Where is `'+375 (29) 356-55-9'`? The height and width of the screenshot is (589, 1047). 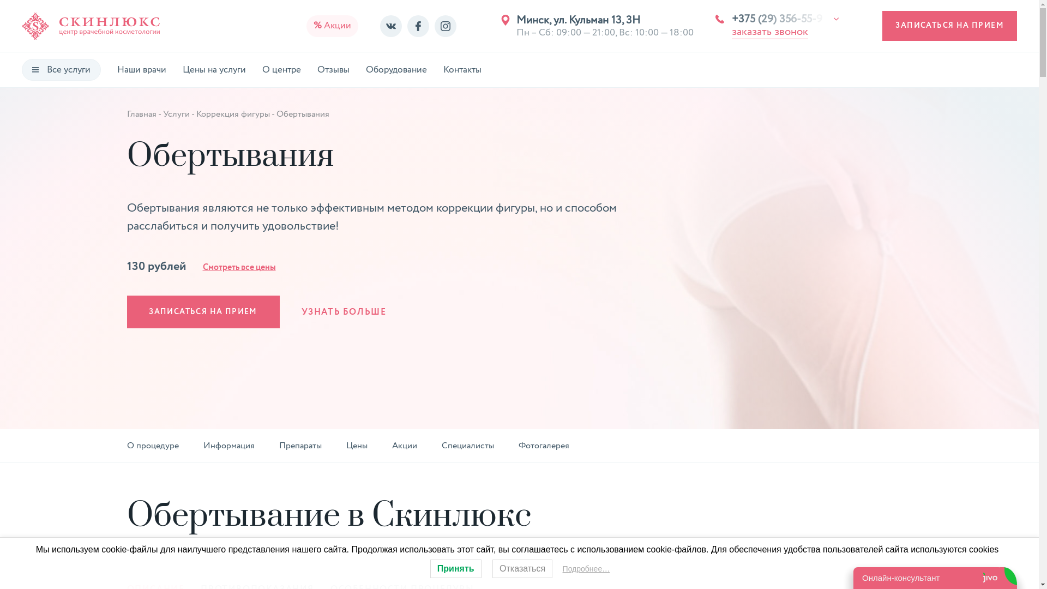 '+375 (29) 356-55-9' is located at coordinates (785, 19).